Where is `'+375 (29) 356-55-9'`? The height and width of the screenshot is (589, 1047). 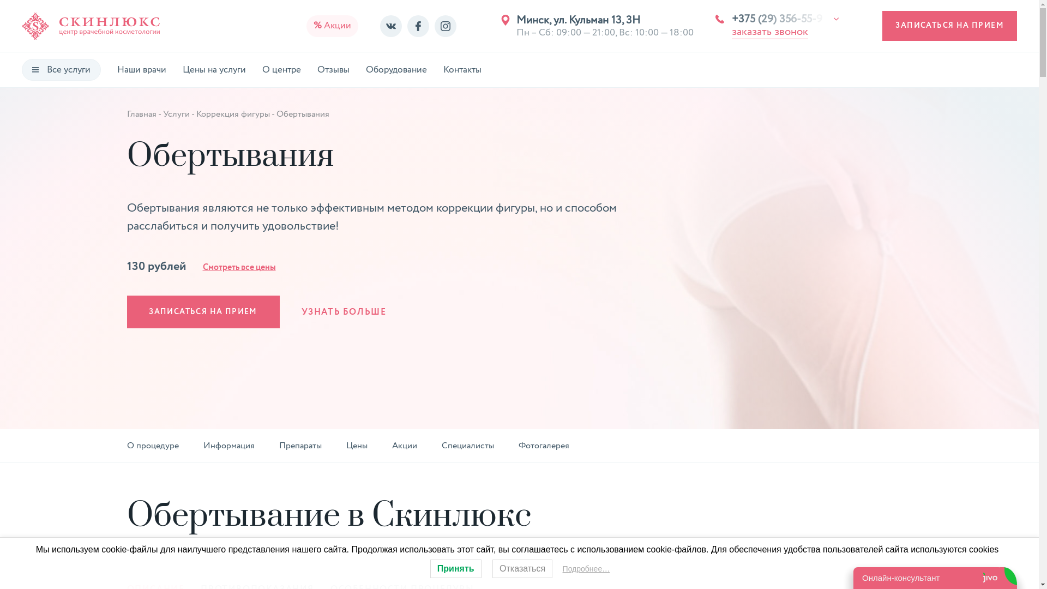 '+375 (29) 356-55-9' is located at coordinates (785, 19).